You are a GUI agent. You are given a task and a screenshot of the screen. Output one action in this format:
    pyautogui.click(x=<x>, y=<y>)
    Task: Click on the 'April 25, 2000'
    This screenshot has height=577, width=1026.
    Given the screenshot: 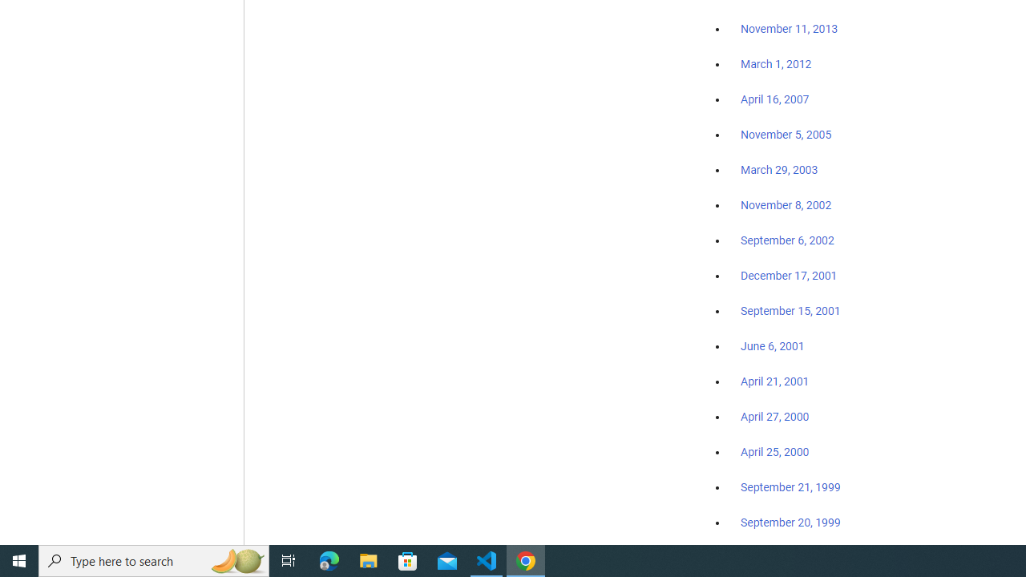 What is the action you would take?
    pyautogui.click(x=775, y=452)
    